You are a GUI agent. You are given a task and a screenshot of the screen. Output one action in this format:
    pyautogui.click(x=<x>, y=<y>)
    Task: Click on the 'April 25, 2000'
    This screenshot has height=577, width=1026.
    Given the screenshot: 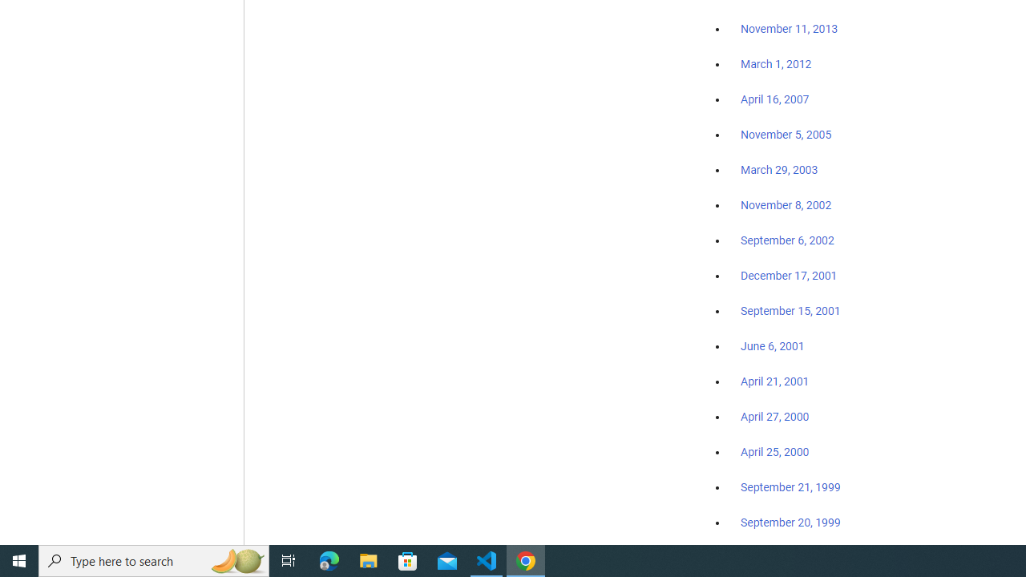 What is the action you would take?
    pyautogui.click(x=775, y=452)
    